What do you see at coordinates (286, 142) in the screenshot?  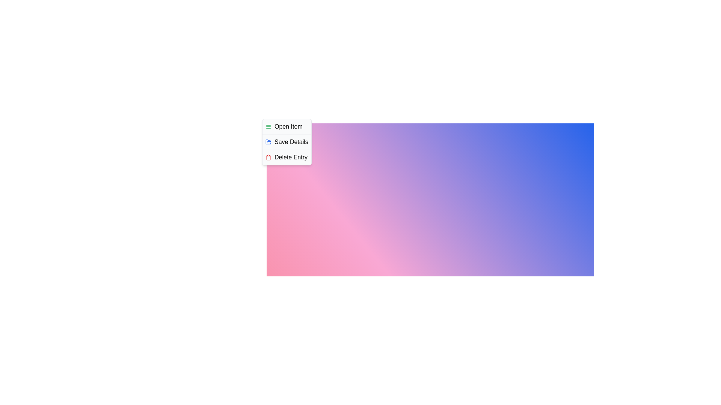 I see `the 'Save Details' option in the context menu` at bounding box center [286, 142].